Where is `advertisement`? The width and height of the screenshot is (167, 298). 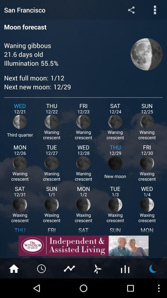
advertisement is located at coordinates (83, 246).